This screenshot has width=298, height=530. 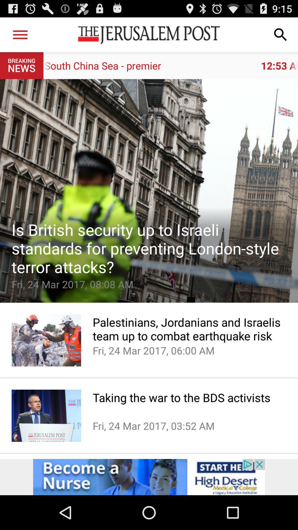 I want to click on app below the 12 53 am item, so click(x=149, y=191).